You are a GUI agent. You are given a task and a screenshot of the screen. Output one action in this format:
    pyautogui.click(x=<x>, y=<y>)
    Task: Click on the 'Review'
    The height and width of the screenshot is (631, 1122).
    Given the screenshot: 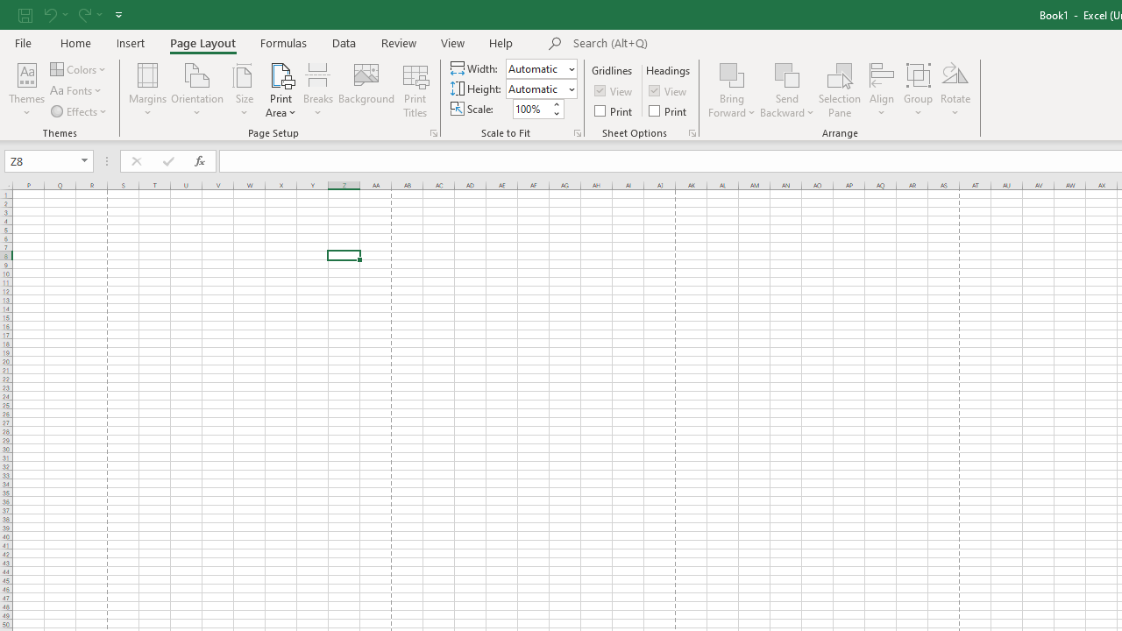 What is the action you would take?
    pyautogui.click(x=398, y=42)
    